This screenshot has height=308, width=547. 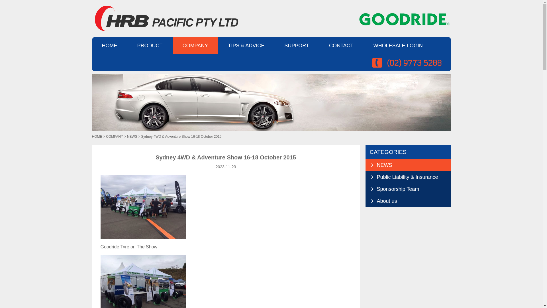 I want to click on 'COMPANY', so click(x=114, y=136).